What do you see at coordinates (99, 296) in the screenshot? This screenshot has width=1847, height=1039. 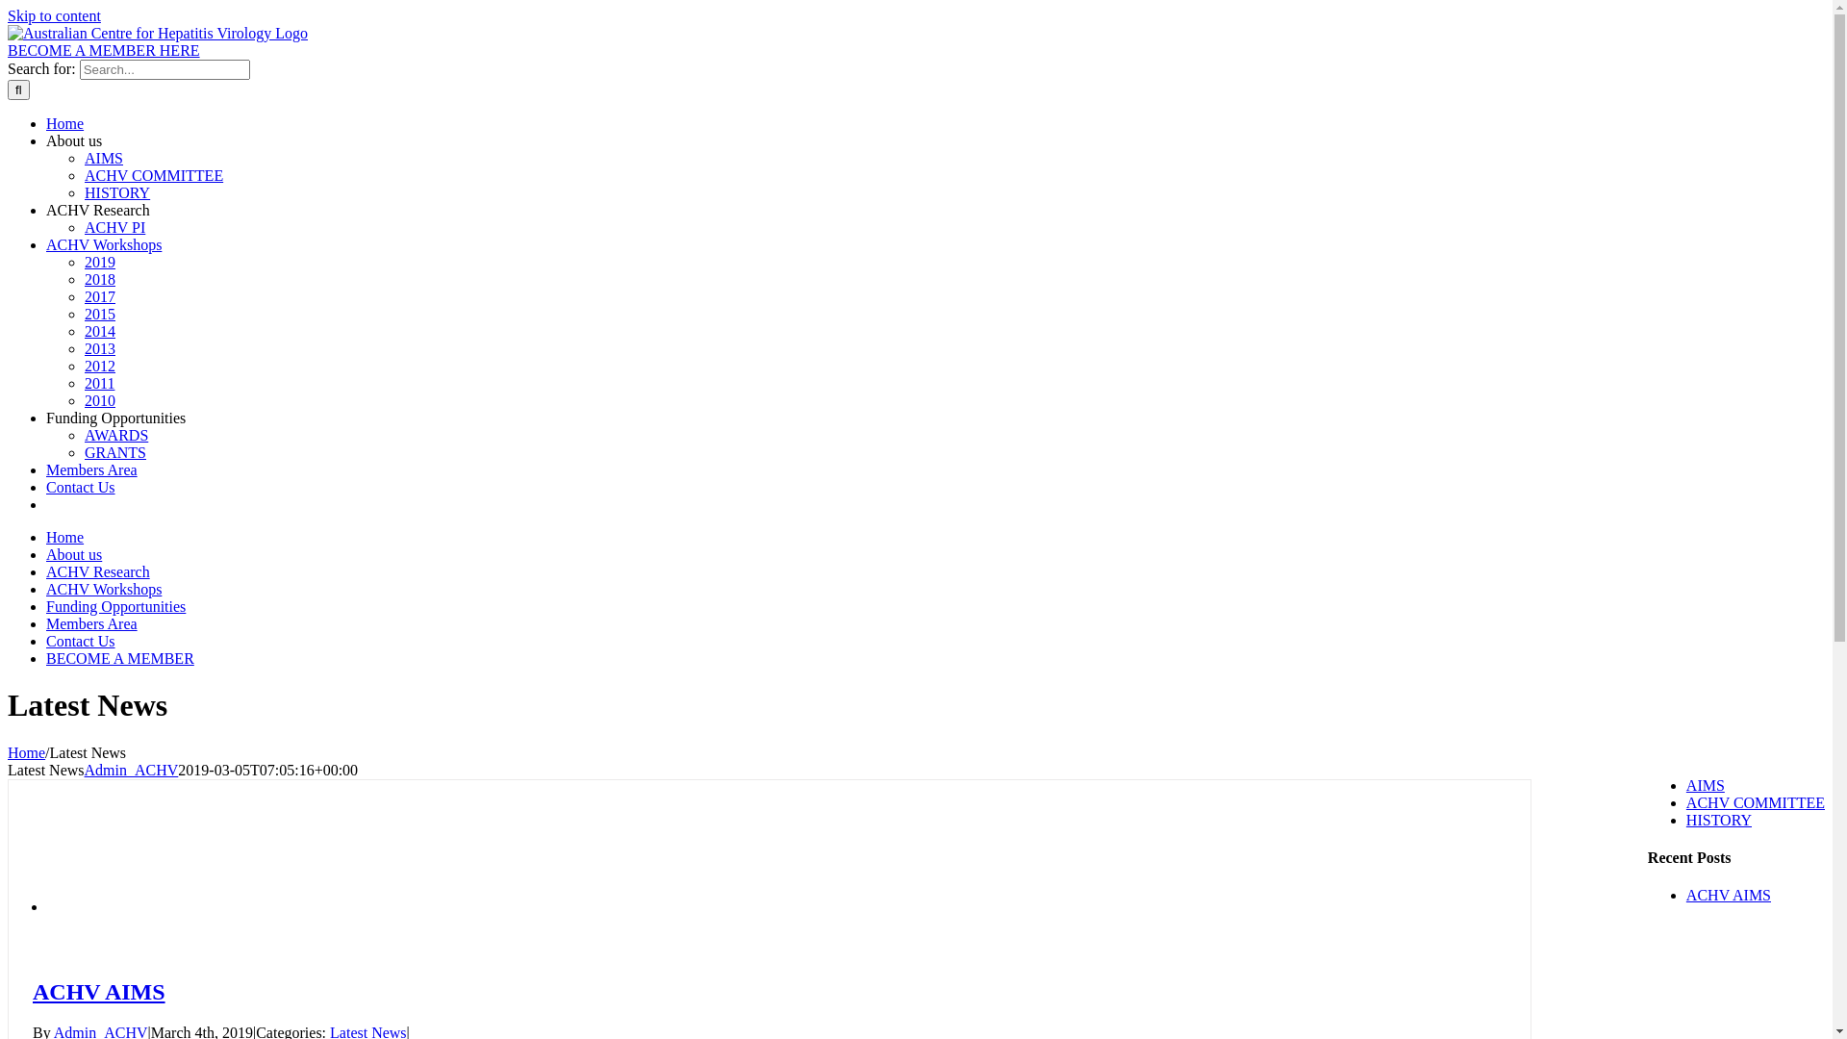 I see `'2017'` at bounding box center [99, 296].